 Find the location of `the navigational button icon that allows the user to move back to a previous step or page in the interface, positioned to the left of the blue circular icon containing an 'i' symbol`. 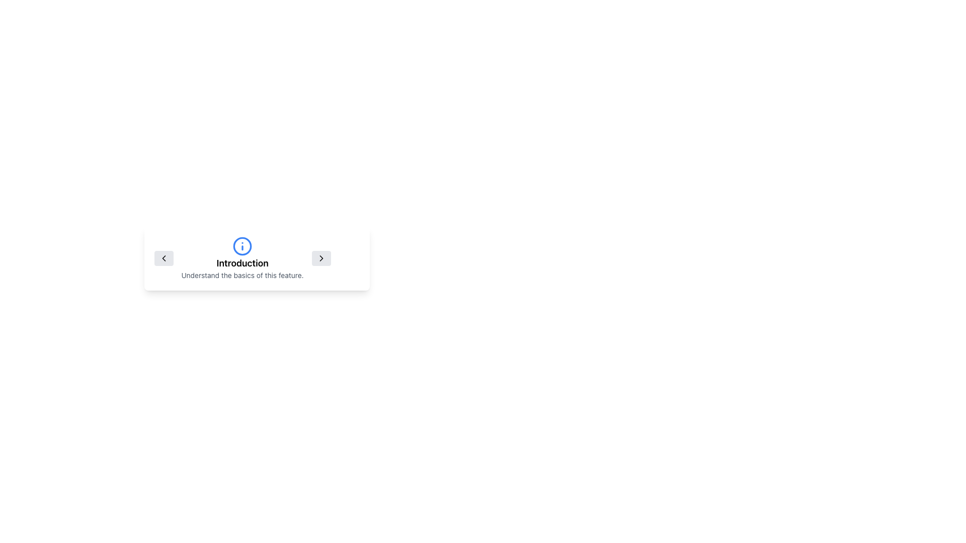

the navigational button icon that allows the user to move back to a previous step or page in the interface, positioned to the left of the blue circular icon containing an 'i' symbol is located at coordinates (164, 257).